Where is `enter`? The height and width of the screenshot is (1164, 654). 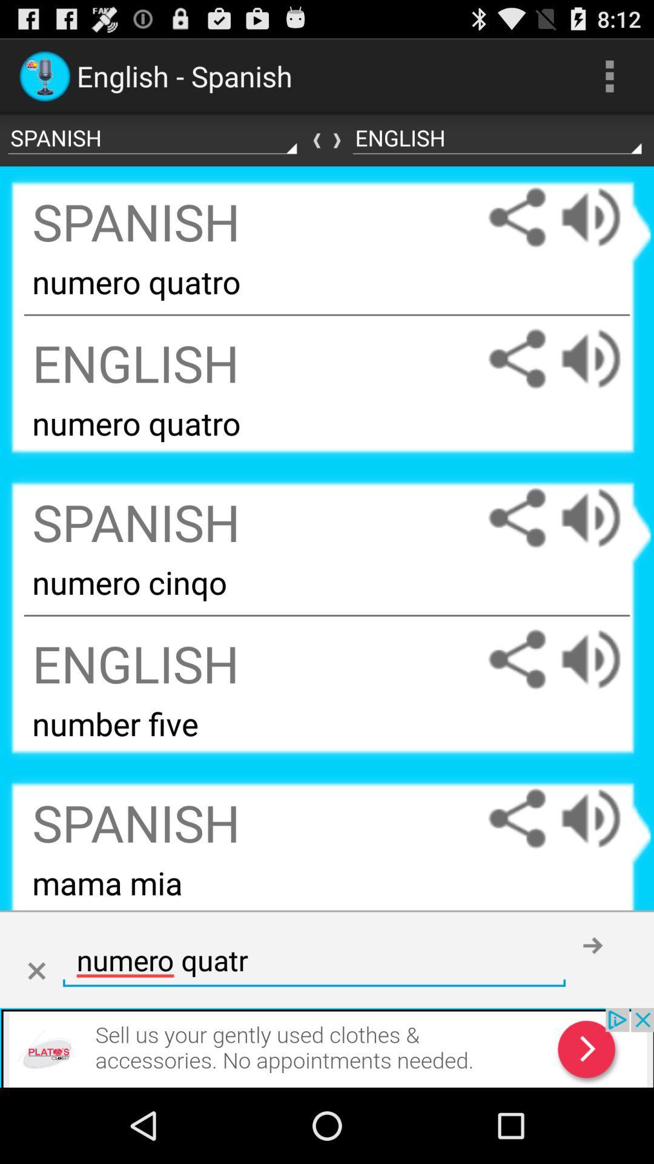 enter is located at coordinates (592, 945).